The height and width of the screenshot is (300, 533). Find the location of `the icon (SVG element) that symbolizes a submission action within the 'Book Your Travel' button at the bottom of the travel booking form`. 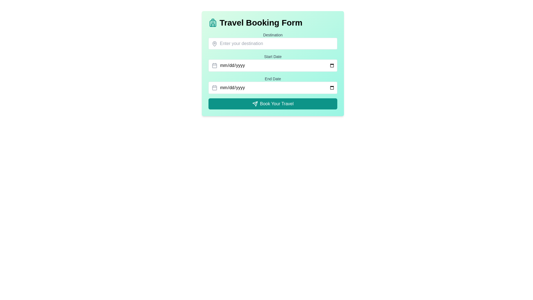

the icon (SVG element) that symbolizes a submission action within the 'Book Your Travel' button at the bottom of the travel booking form is located at coordinates (255, 104).